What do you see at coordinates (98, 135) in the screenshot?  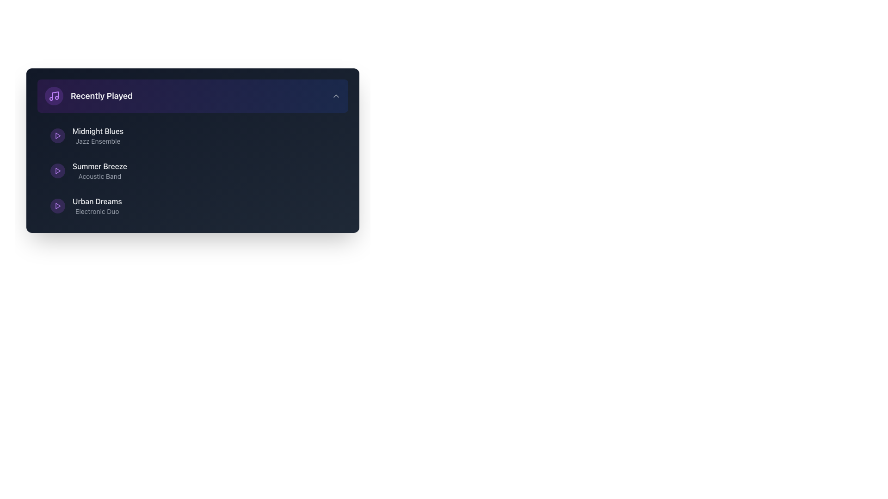 I see `the text label displaying 'Midnight Blues' and 'Jazz Ensemble' if accessible navigation is supported` at bounding box center [98, 135].